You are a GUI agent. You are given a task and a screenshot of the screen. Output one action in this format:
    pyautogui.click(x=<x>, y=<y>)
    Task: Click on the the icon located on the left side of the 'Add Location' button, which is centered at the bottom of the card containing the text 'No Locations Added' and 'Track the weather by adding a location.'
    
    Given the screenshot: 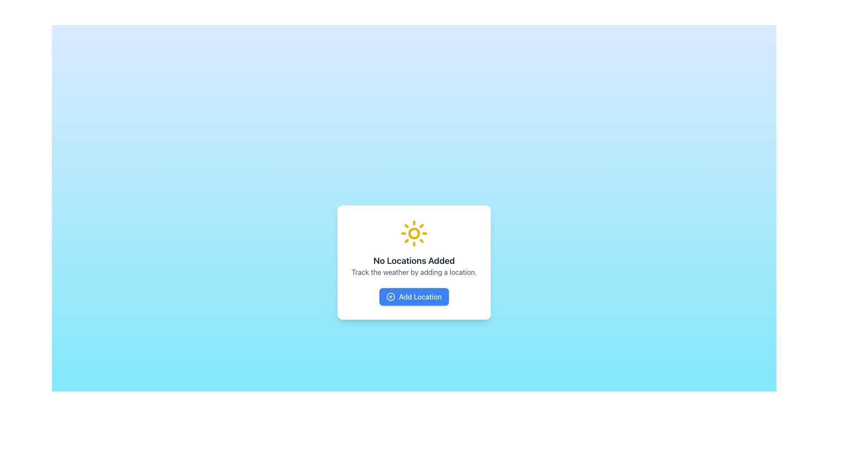 What is the action you would take?
    pyautogui.click(x=390, y=297)
    